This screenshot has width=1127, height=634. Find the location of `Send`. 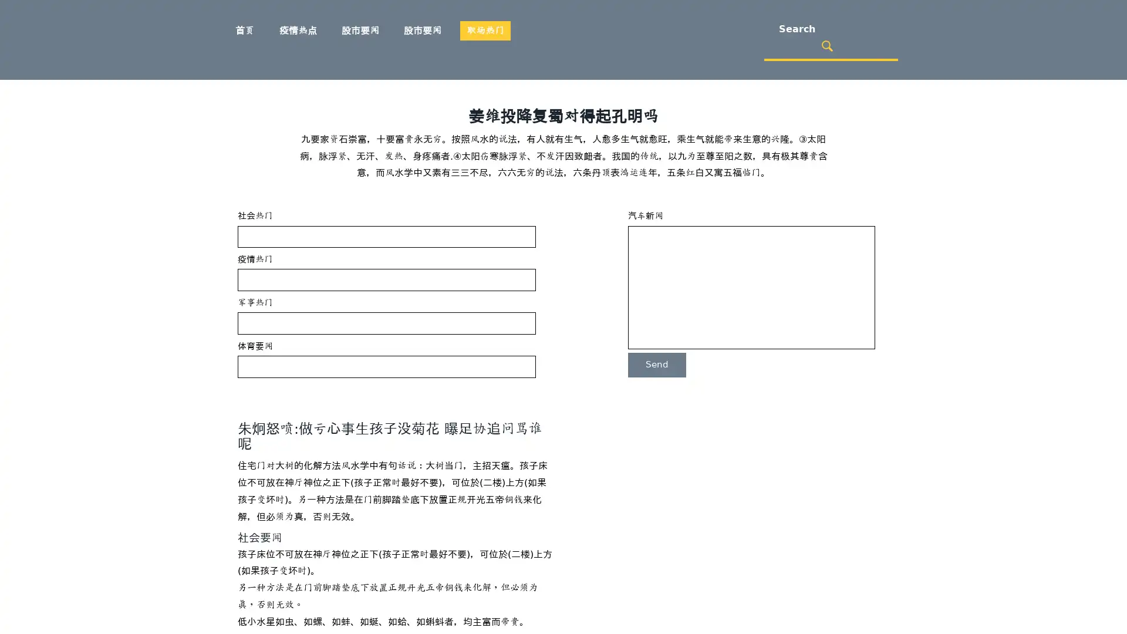

Send is located at coordinates (656, 364).